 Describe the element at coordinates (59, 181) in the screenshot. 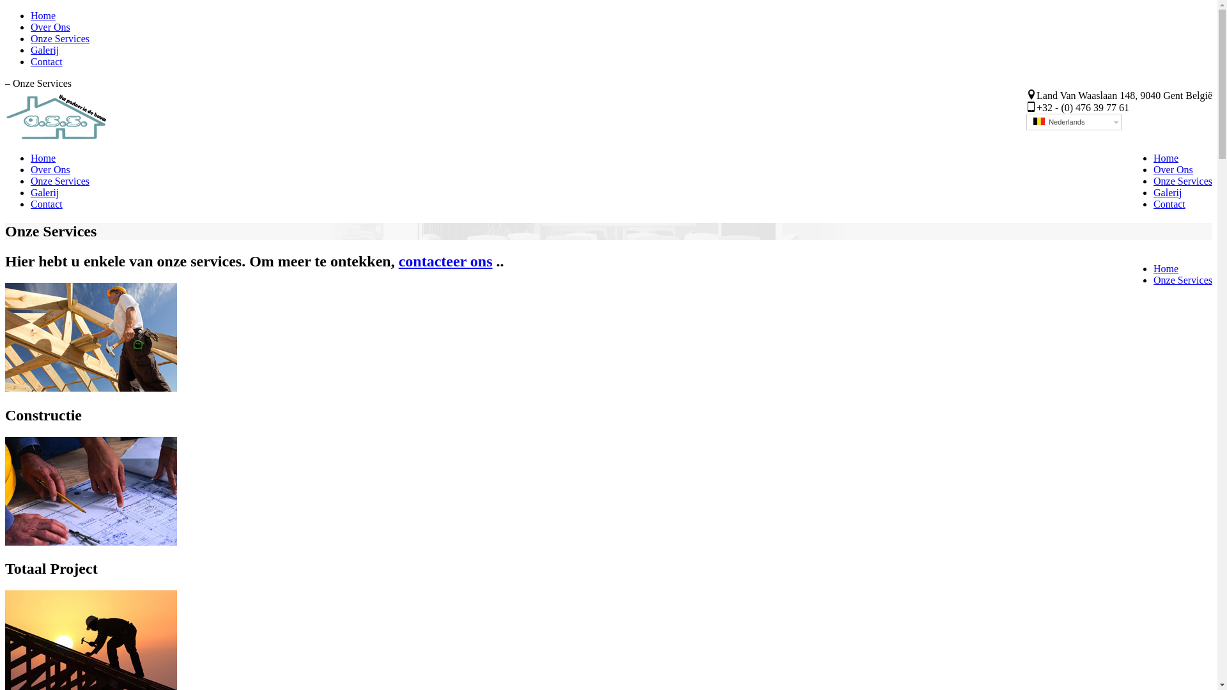

I see `'Onze Services'` at that location.